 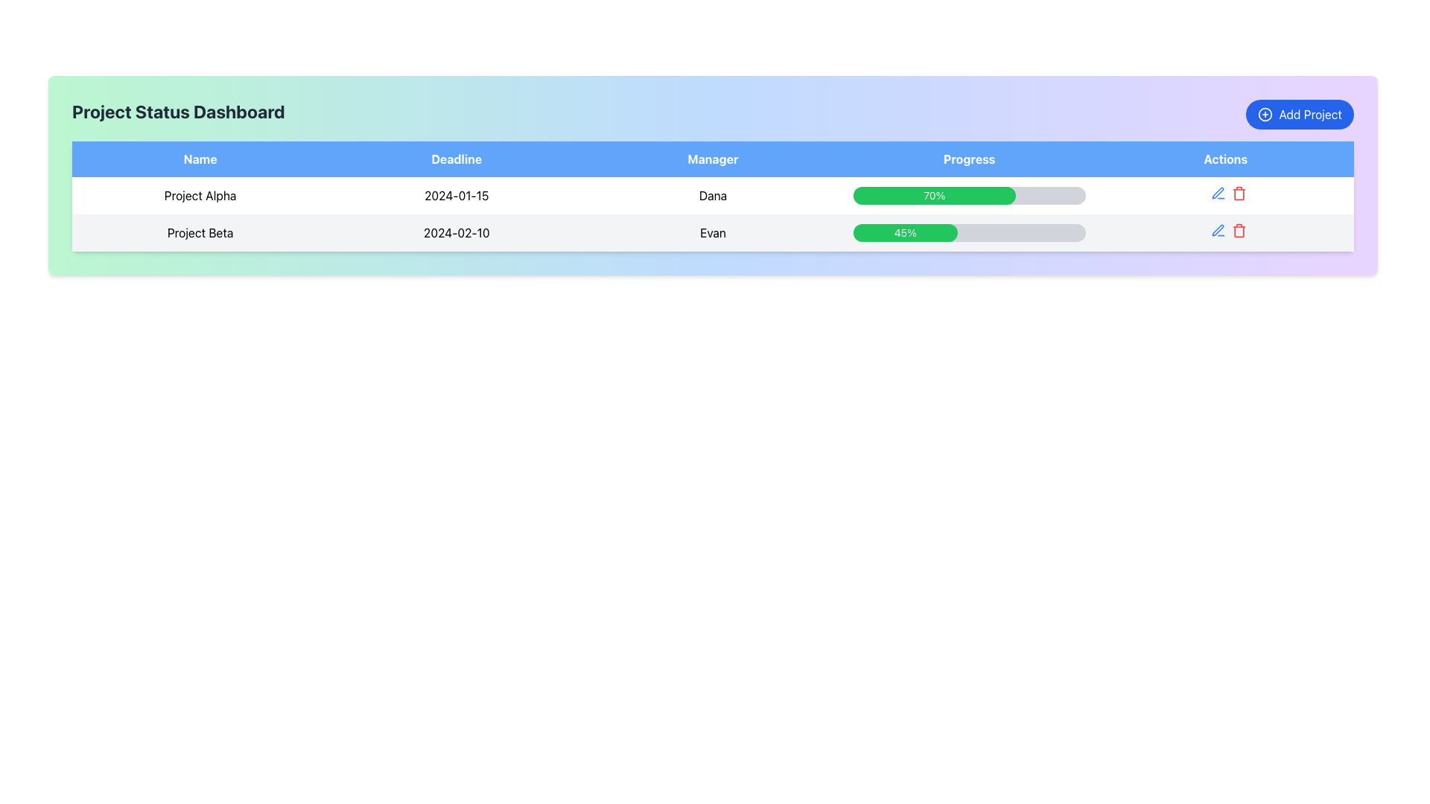 What do you see at coordinates (200, 194) in the screenshot?
I see `the text display cell showing 'Project Alpha' in the first row of the table under the 'Name' column` at bounding box center [200, 194].